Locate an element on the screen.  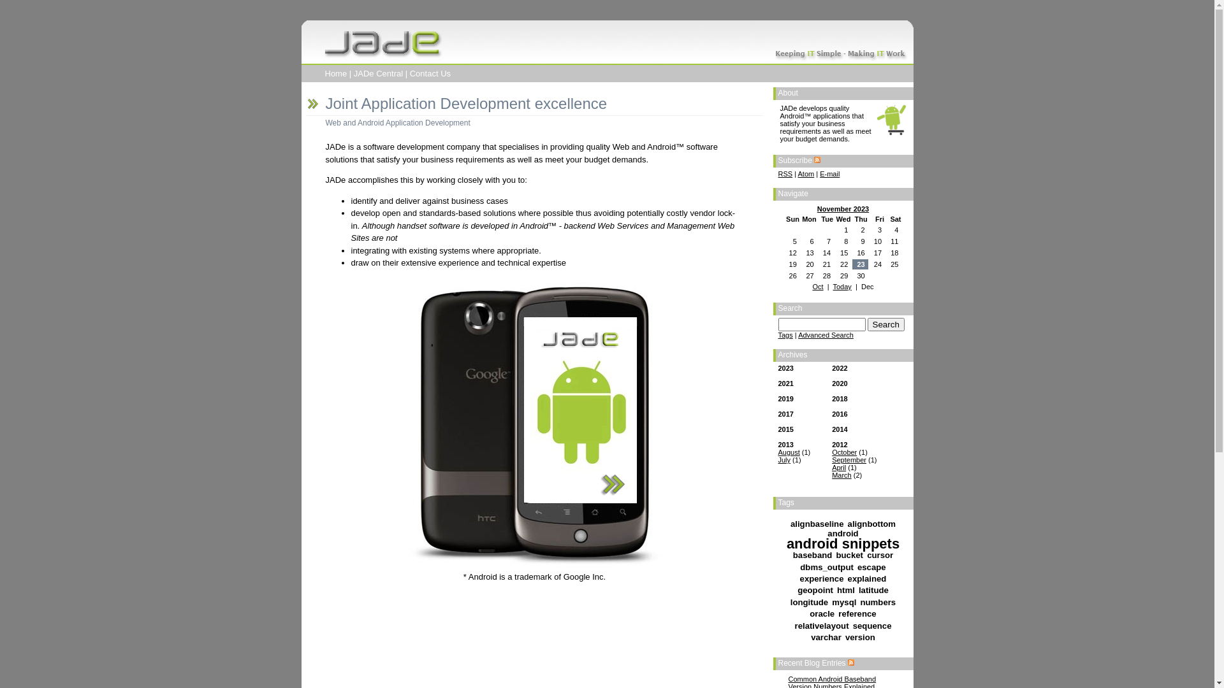
'Oct' is located at coordinates (811, 287).